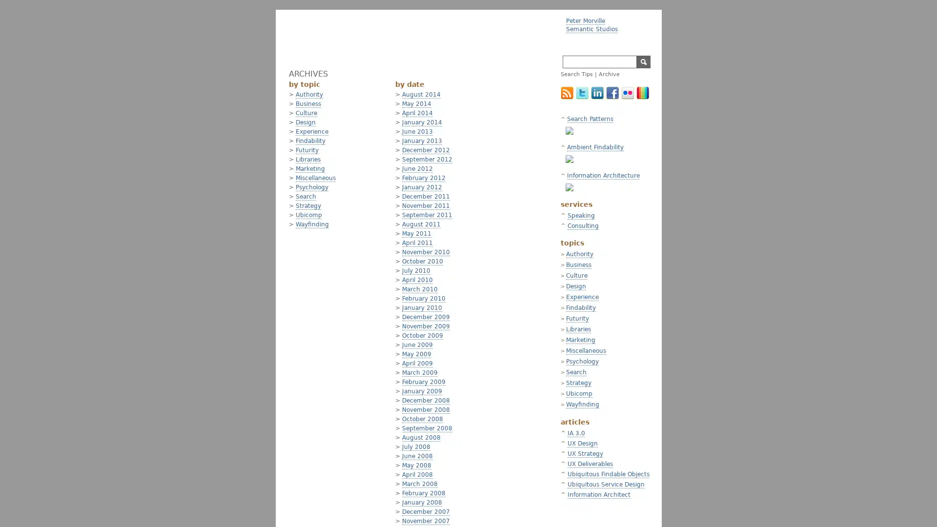  What do you see at coordinates (643, 62) in the screenshot?
I see `SUBMIT` at bounding box center [643, 62].